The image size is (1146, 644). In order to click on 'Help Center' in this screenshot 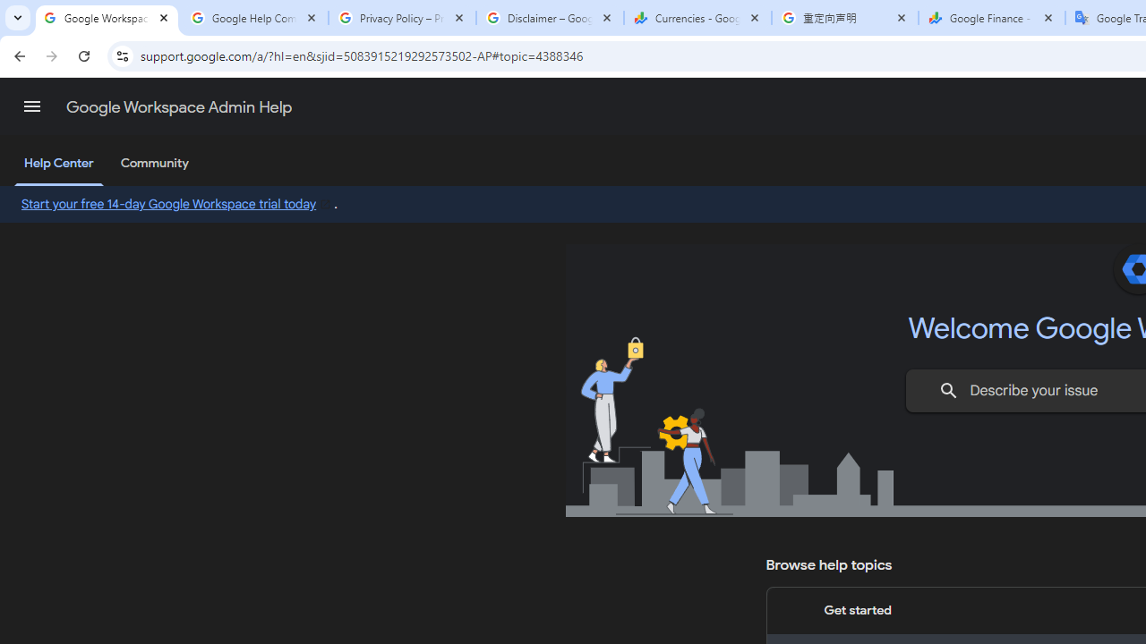, I will do `click(58, 164)`.